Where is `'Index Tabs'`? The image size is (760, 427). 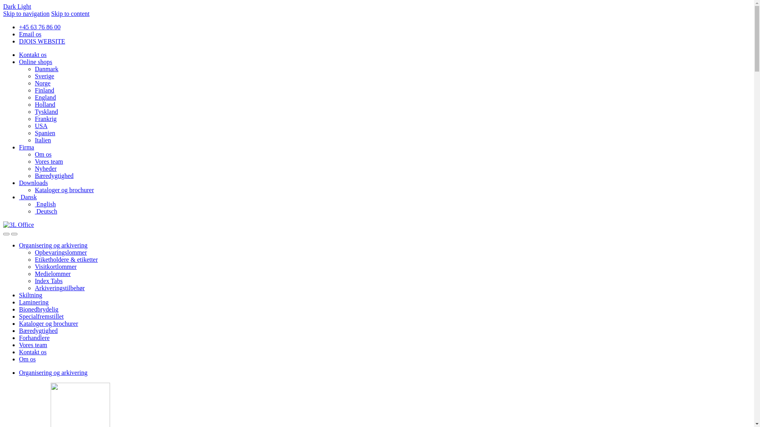 'Index Tabs' is located at coordinates (48, 280).